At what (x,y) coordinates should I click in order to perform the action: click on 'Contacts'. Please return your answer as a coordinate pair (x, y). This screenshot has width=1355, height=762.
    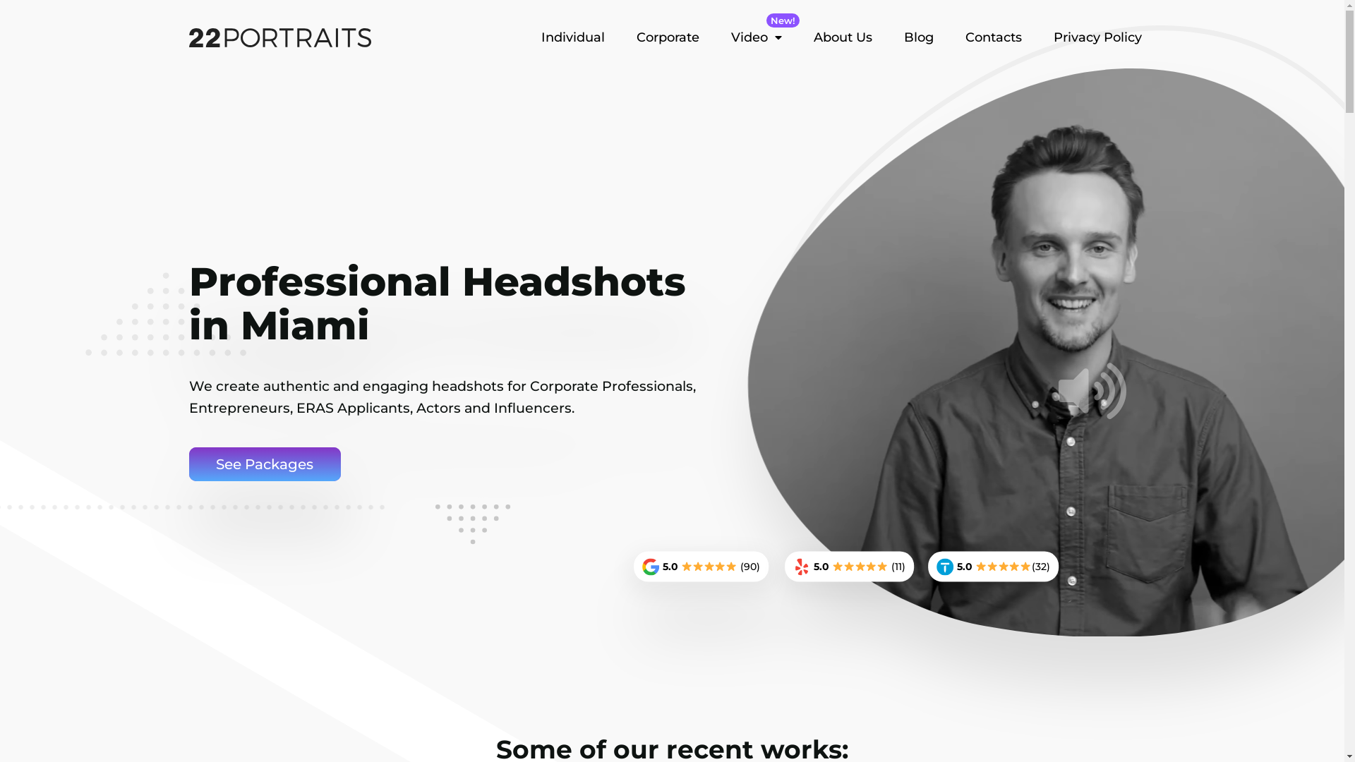
    Looking at the image, I should click on (951, 37).